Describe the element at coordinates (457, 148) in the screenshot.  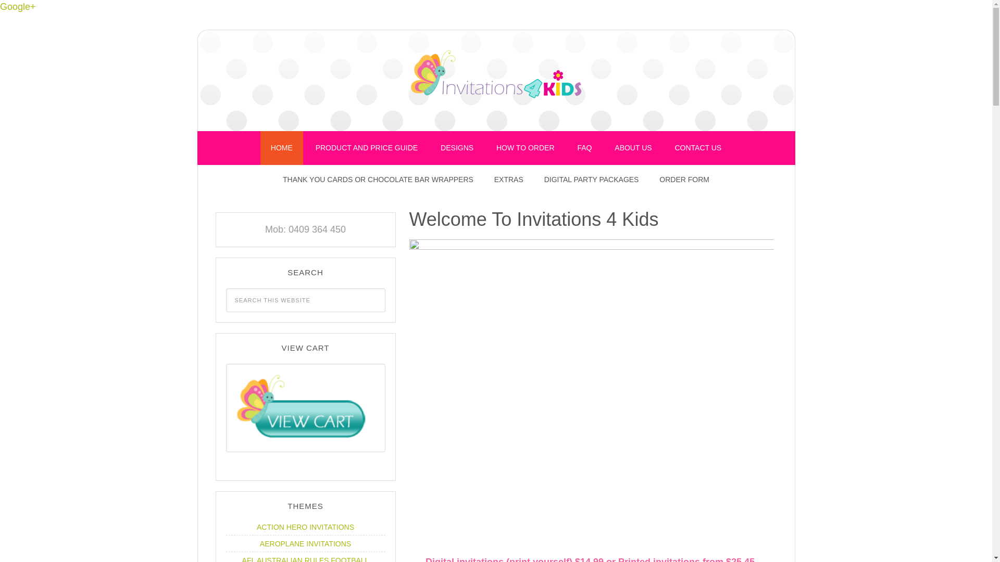
I see `'DESIGNS'` at that location.